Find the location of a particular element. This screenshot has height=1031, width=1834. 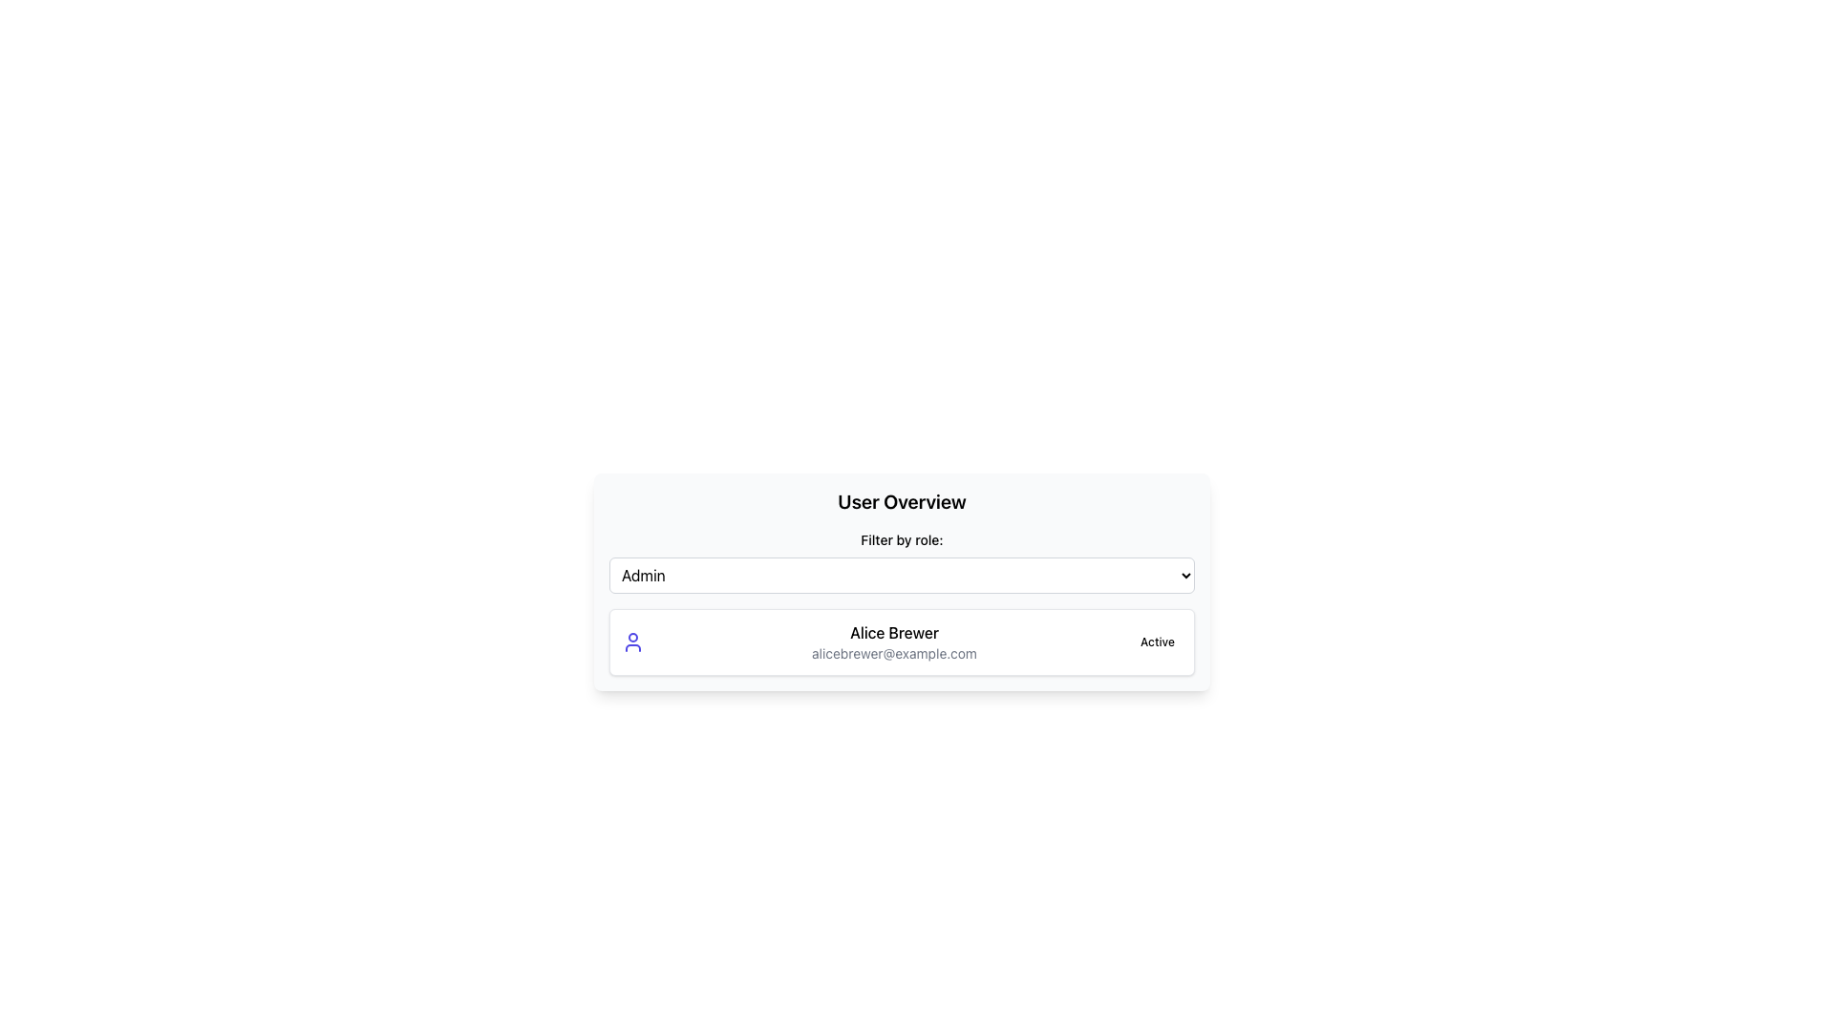

text from the label indicating the purpose of the associated dropdown menu for filtering content by user roles, located just above the dropdown menu under the heading 'User Overview' is located at coordinates (901, 540).